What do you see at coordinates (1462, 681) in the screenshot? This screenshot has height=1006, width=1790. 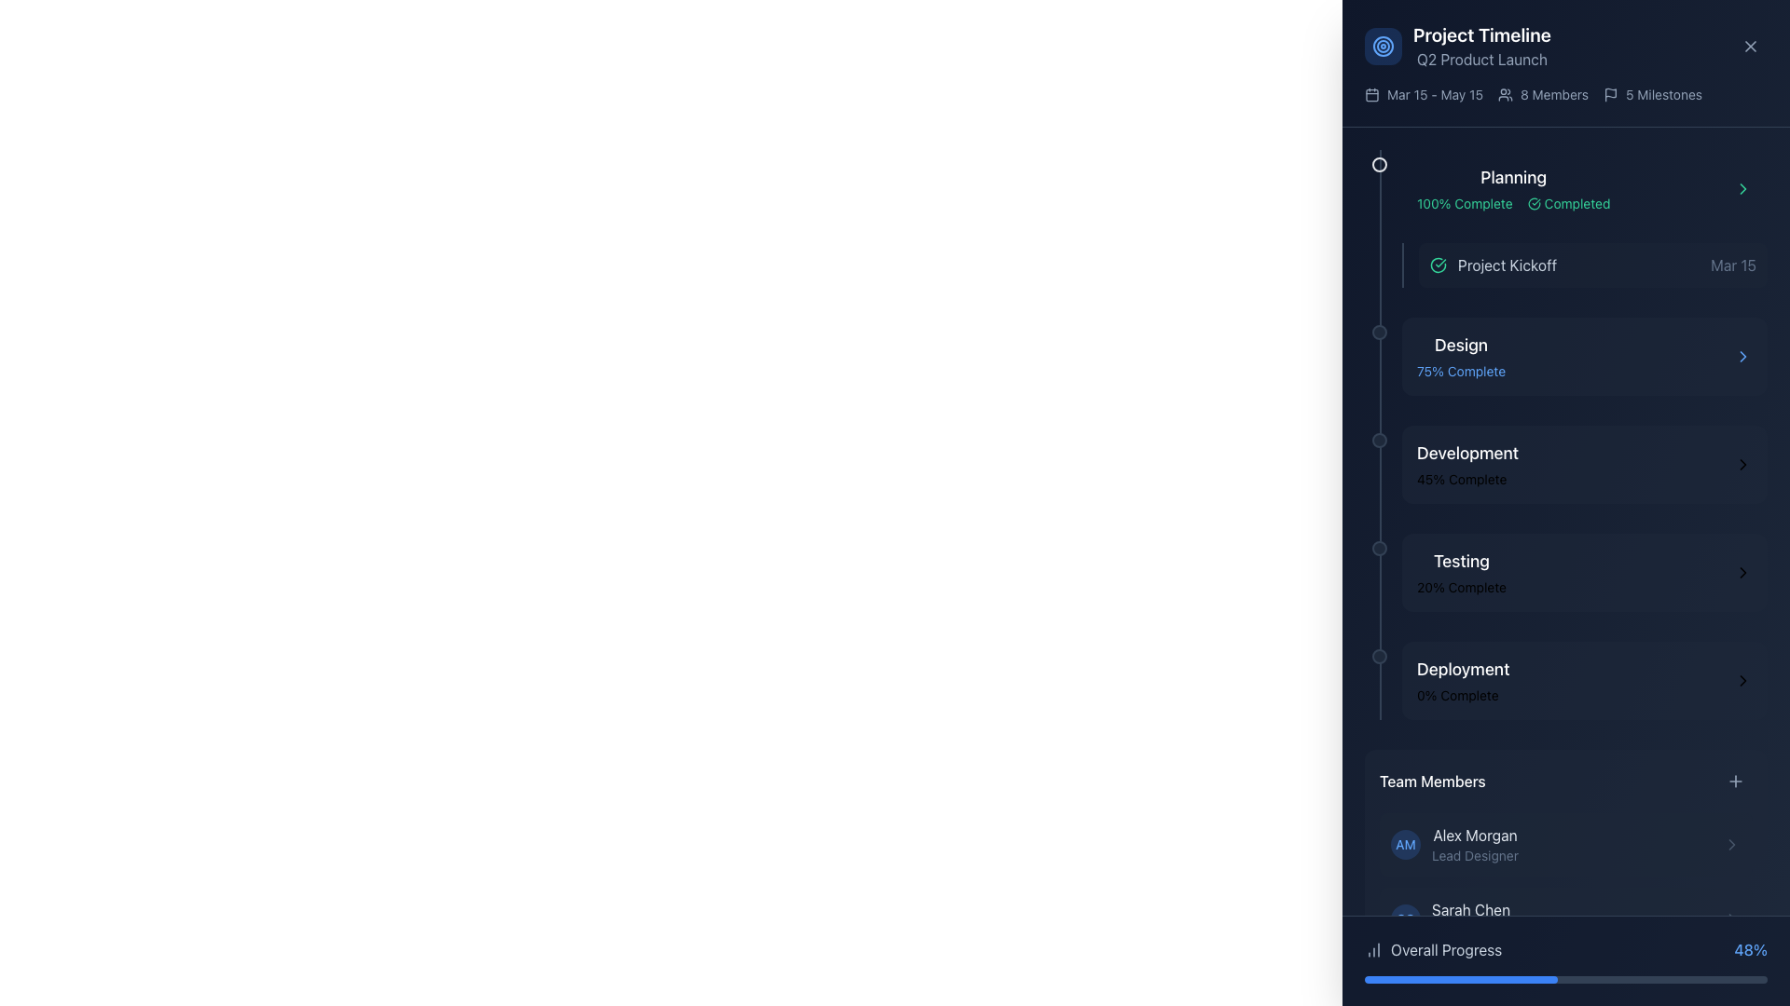 I see `the 'Deployment' status indicator text label that shows '0% Complete' in a dark-themed UI` at bounding box center [1462, 681].